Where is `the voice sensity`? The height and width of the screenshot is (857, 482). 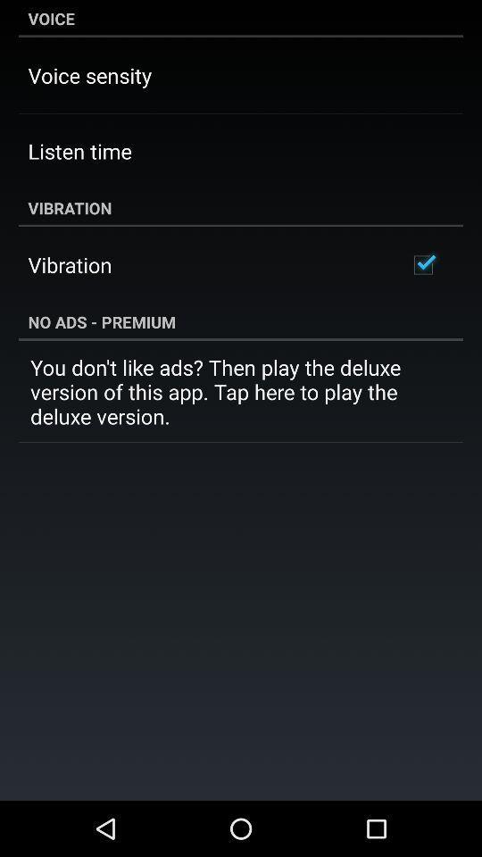 the voice sensity is located at coordinates (88, 75).